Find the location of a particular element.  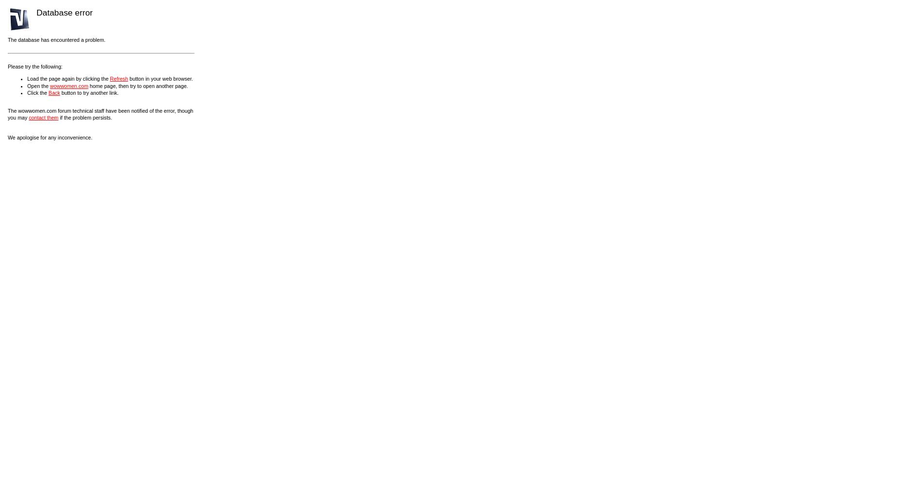

'home page, then try to open another page.' is located at coordinates (137, 86).